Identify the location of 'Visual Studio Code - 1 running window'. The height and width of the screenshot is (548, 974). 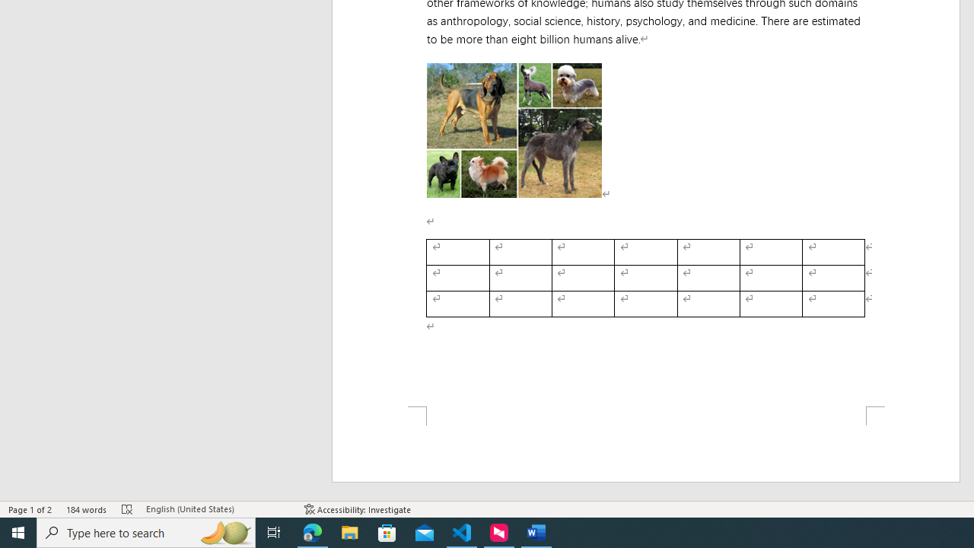
(461, 531).